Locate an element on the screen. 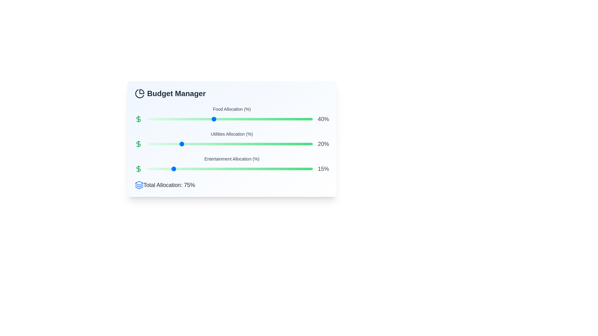 Image resolution: width=598 pixels, height=336 pixels. the Food Allocation slider to 13% is located at coordinates (168, 119).